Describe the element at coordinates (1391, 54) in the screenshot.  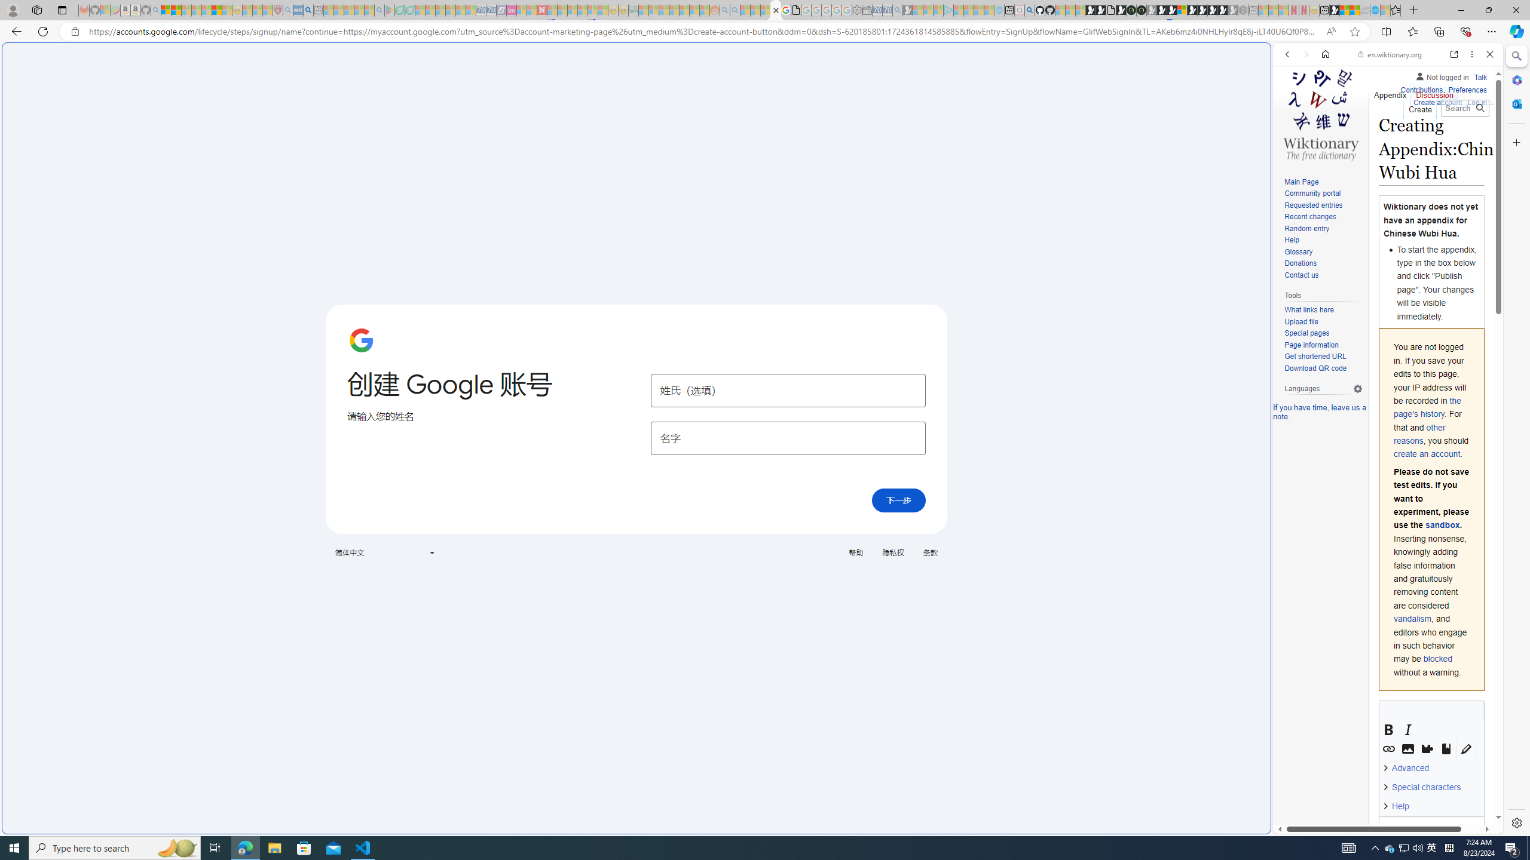
I see `'en.wiktionary.org'` at that location.